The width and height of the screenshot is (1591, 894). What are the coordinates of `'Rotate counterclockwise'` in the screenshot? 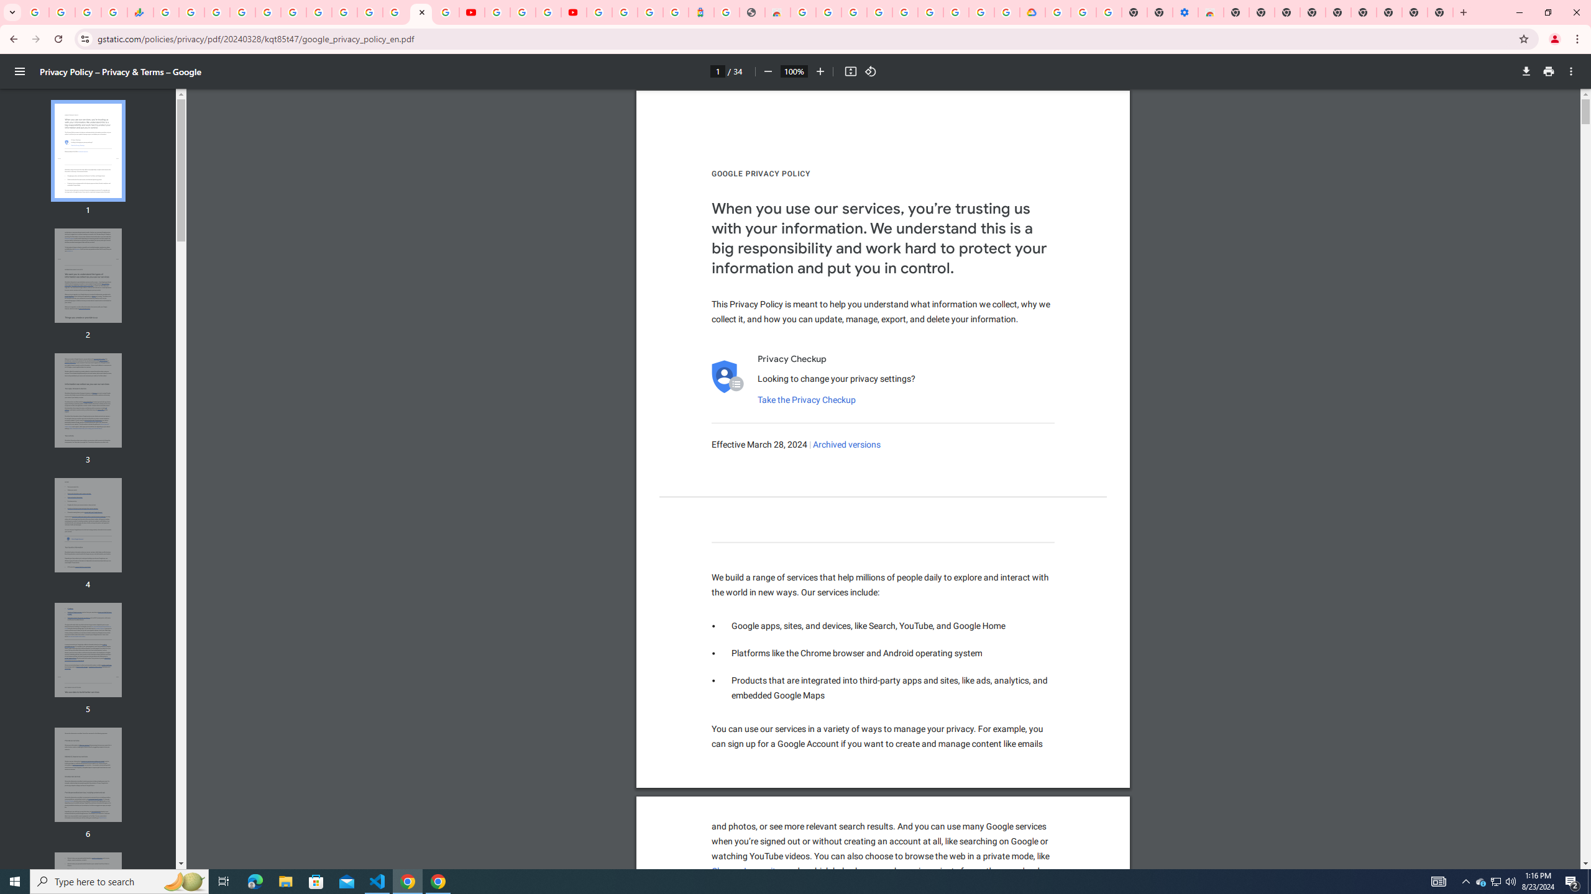 It's located at (871, 71).